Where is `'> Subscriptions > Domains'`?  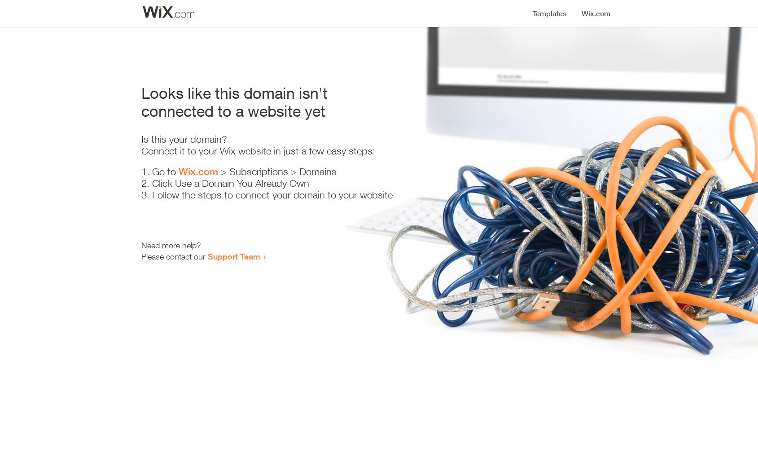 '> Subscriptions > Domains' is located at coordinates (276, 172).